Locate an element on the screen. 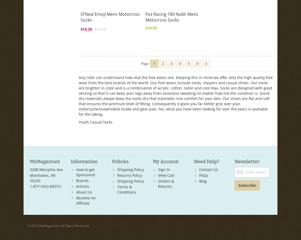 This screenshot has height=240, width=301. 'Manitowoc, WI 54220' is located at coordinates (42, 177).